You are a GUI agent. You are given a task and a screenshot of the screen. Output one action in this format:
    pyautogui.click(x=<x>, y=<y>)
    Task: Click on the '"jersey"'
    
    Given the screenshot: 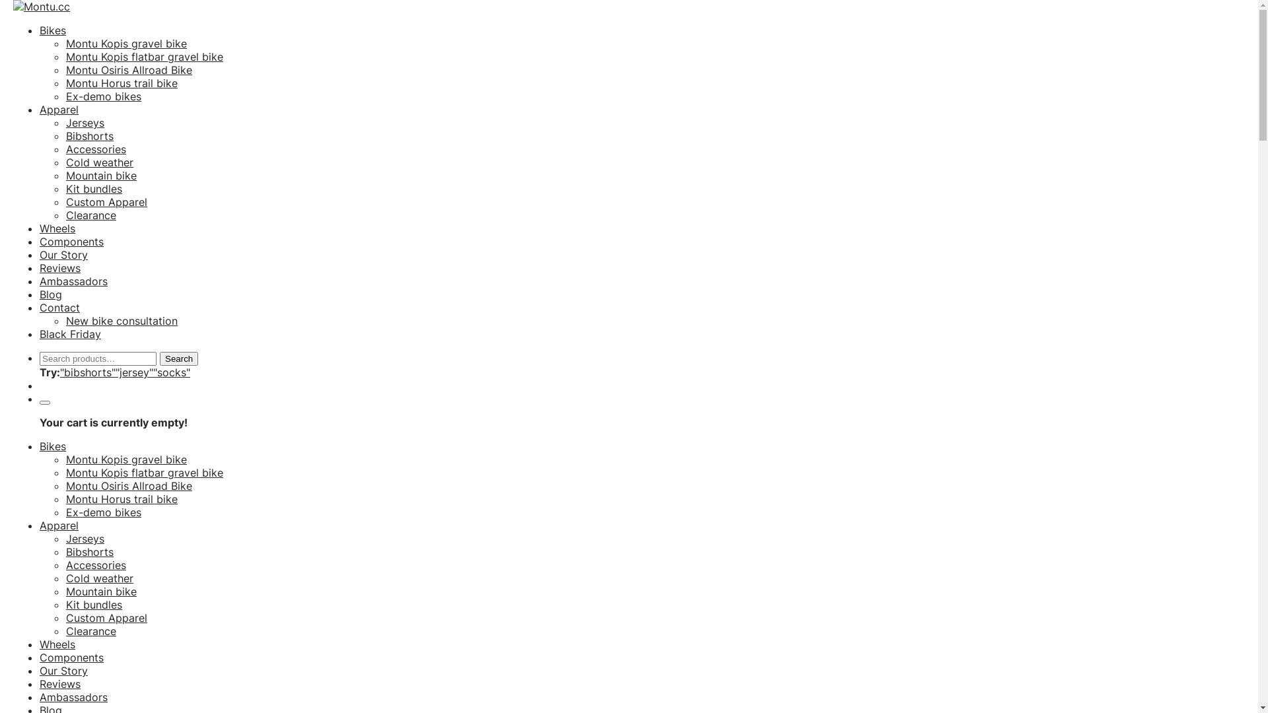 What is the action you would take?
    pyautogui.click(x=134, y=372)
    